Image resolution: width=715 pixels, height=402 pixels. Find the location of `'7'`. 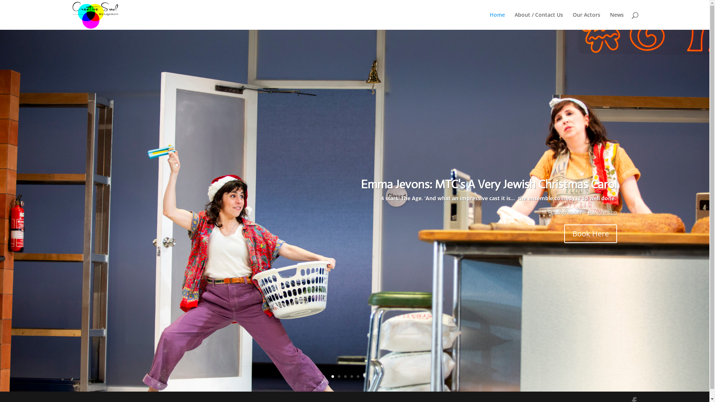

'7' is located at coordinates (369, 376).